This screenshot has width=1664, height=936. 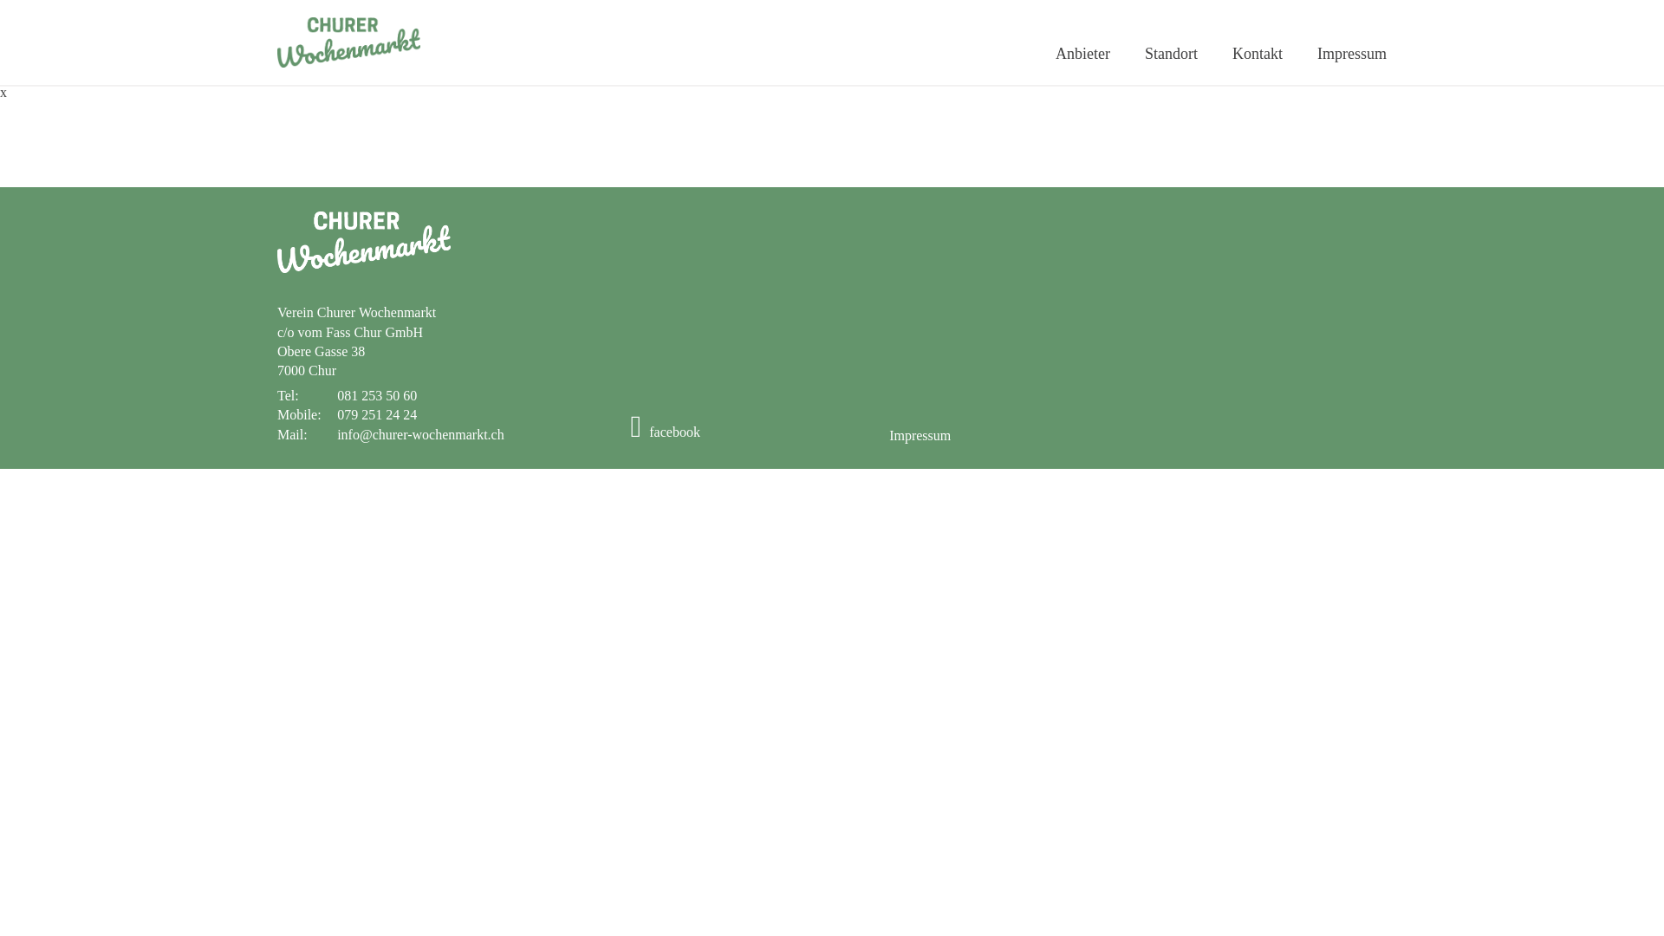 I want to click on 'info@churer-wochenmarkt.ch', so click(x=420, y=433).